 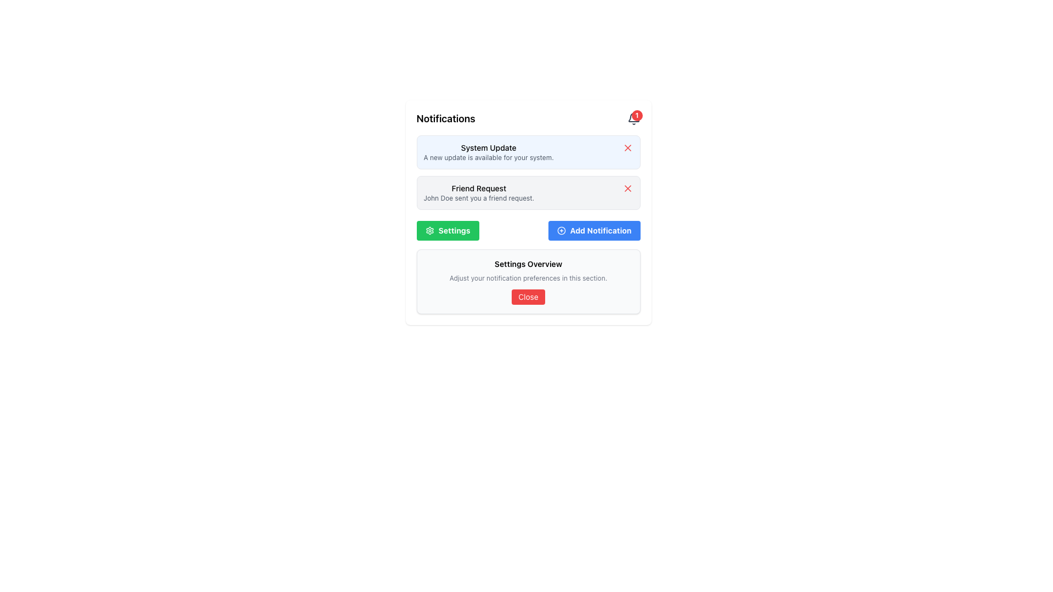 What do you see at coordinates (429, 230) in the screenshot?
I see `the gear-shaped settings icon located near the bottom-left corner of the 'Notifications' dialog box` at bounding box center [429, 230].